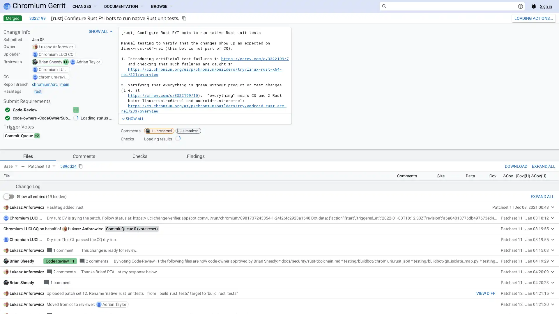  Describe the element at coordinates (85, 309) in the screenshot. I see `ukasz Anforowicz` at that location.